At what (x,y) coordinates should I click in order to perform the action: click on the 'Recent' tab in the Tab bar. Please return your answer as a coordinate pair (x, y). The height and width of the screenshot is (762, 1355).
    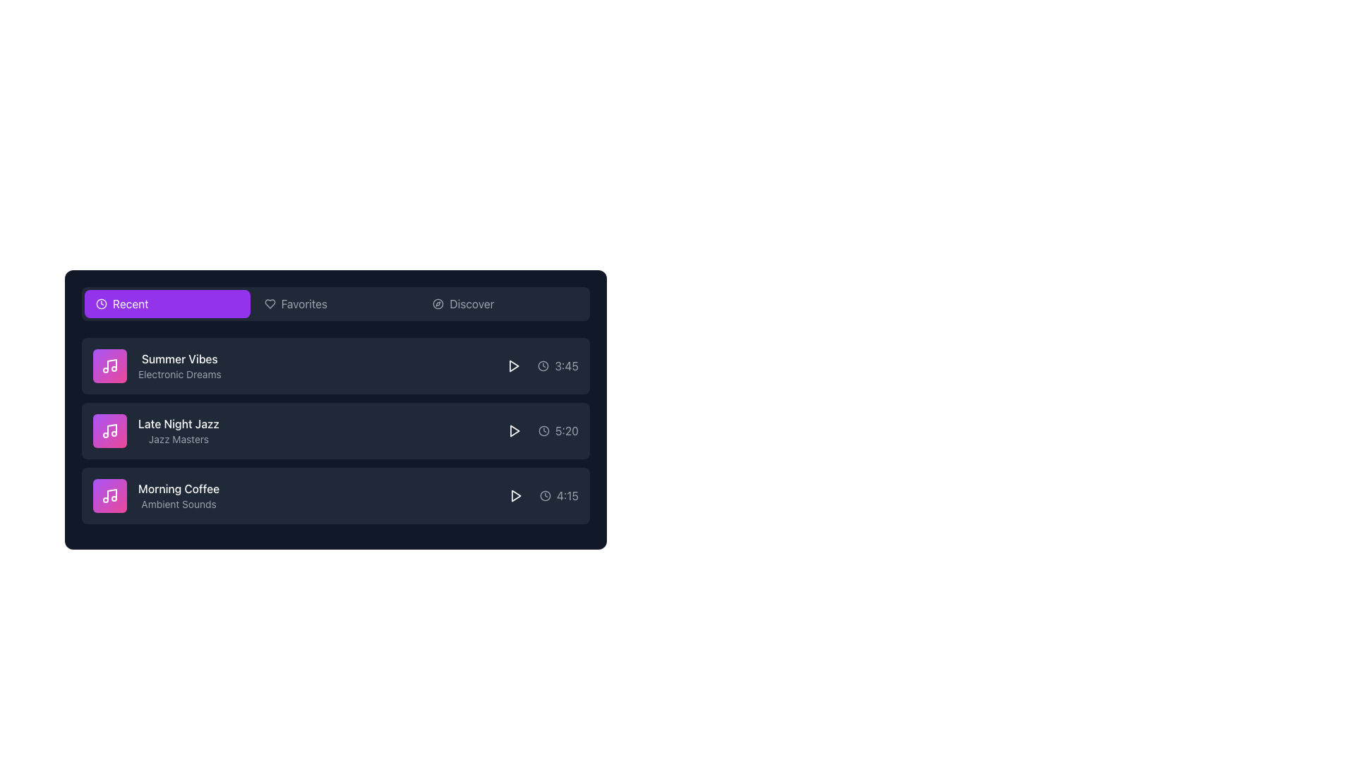
    Looking at the image, I should click on (335, 303).